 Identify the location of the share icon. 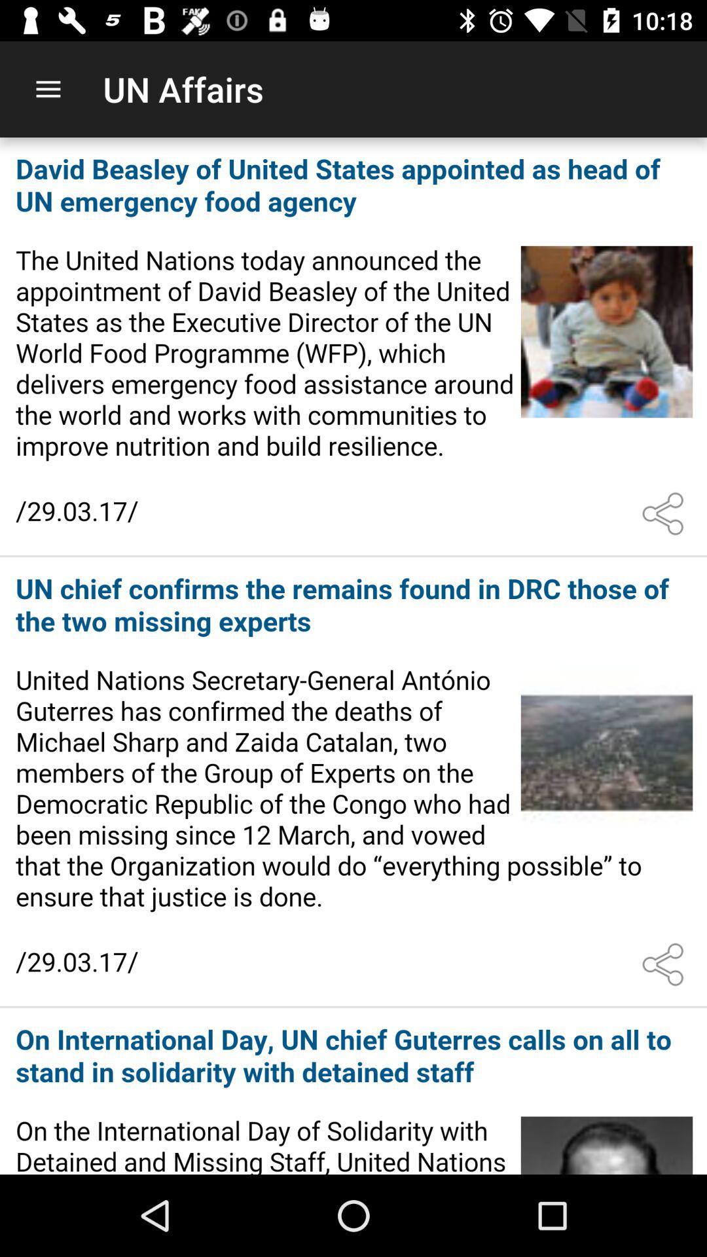
(666, 964).